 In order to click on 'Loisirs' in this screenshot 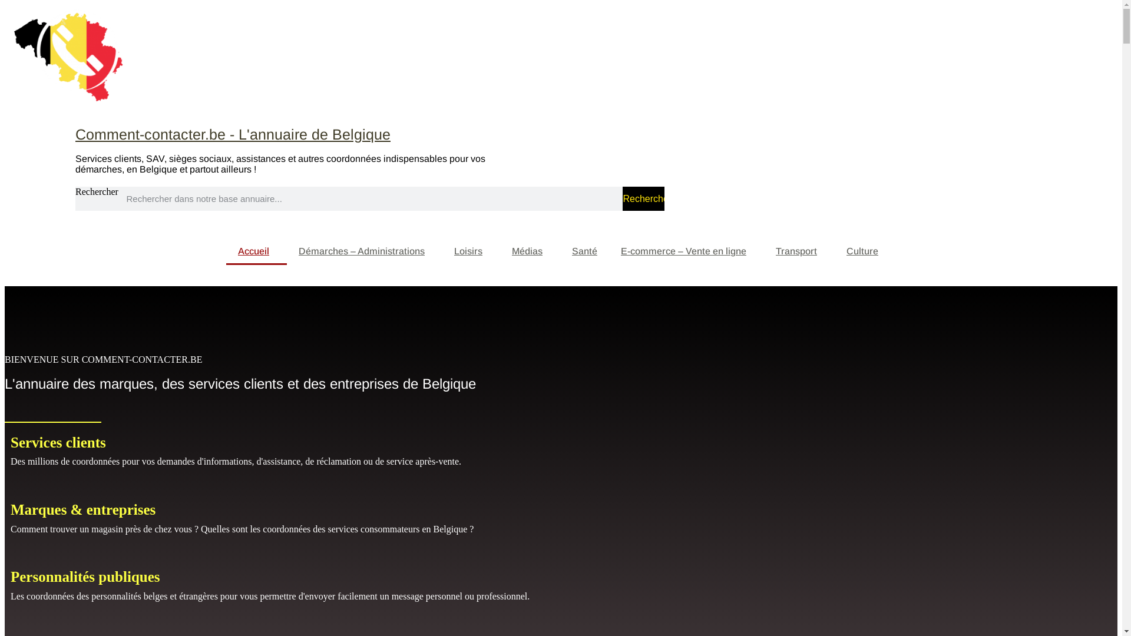, I will do `click(471, 251)`.